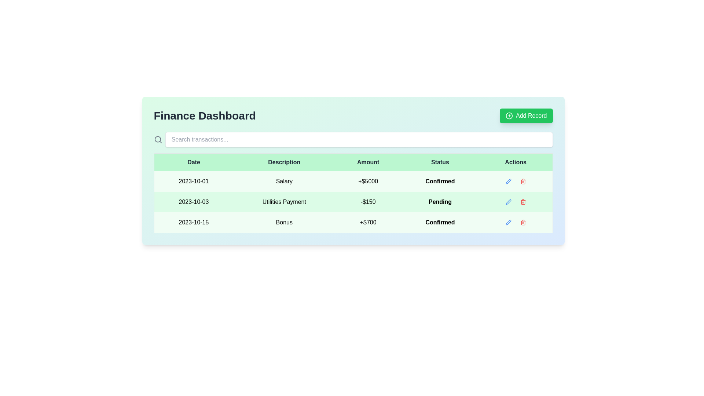  I want to click on displayed date '2023-10-03' from the table cell in the second row under the 'Date' column, so click(194, 202).